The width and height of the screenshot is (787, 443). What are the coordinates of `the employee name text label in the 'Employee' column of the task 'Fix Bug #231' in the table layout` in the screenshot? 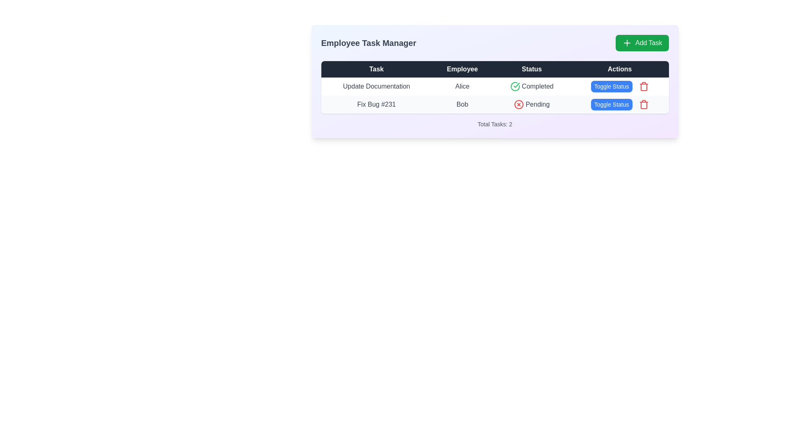 It's located at (462, 104).